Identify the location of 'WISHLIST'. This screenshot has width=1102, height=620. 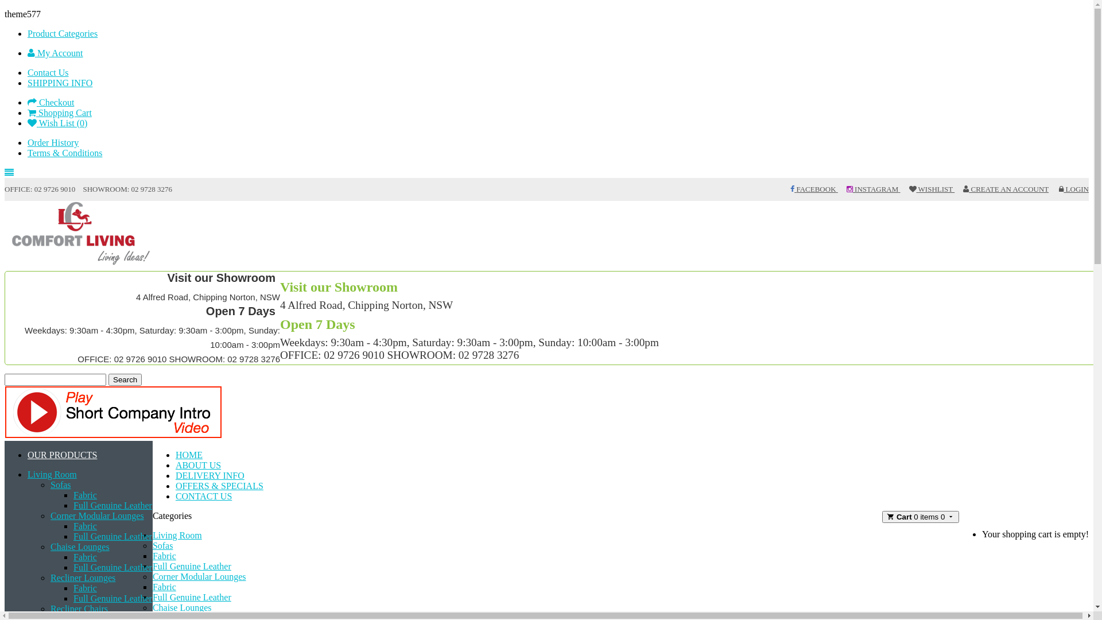
(932, 188).